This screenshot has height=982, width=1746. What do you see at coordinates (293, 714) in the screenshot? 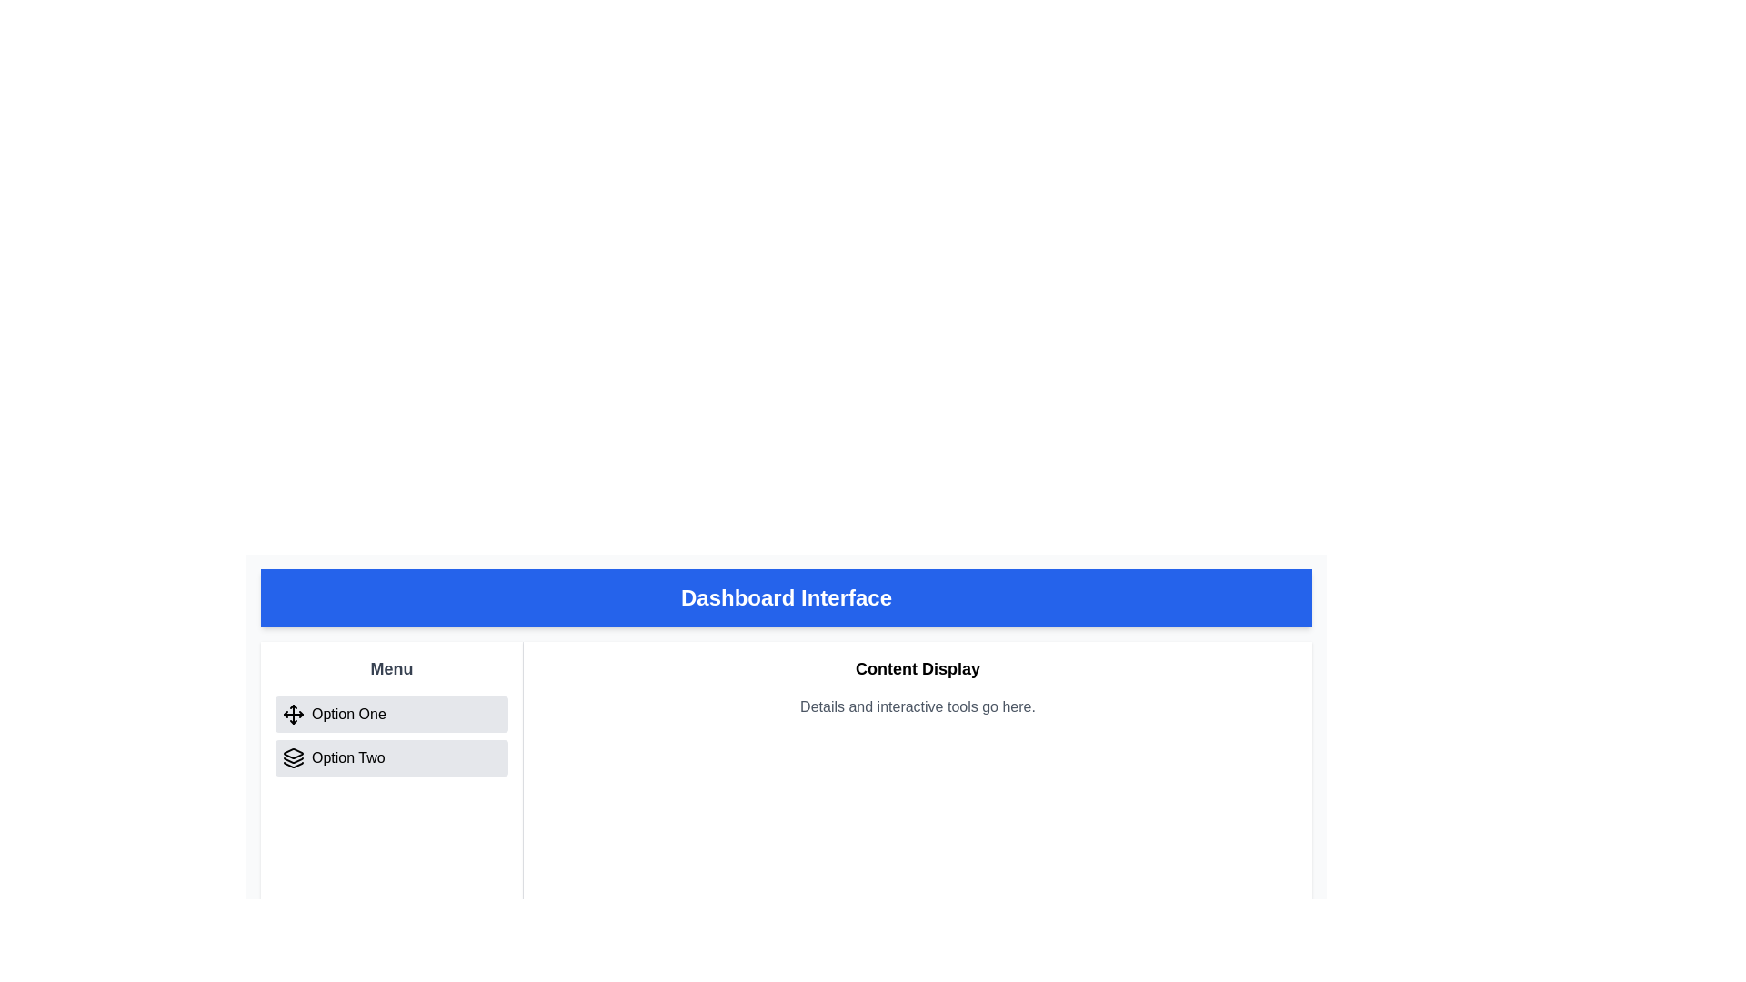
I see `the decorative icon associated with 'Option One' in the left navigation panel` at bounding box center [293, 714].